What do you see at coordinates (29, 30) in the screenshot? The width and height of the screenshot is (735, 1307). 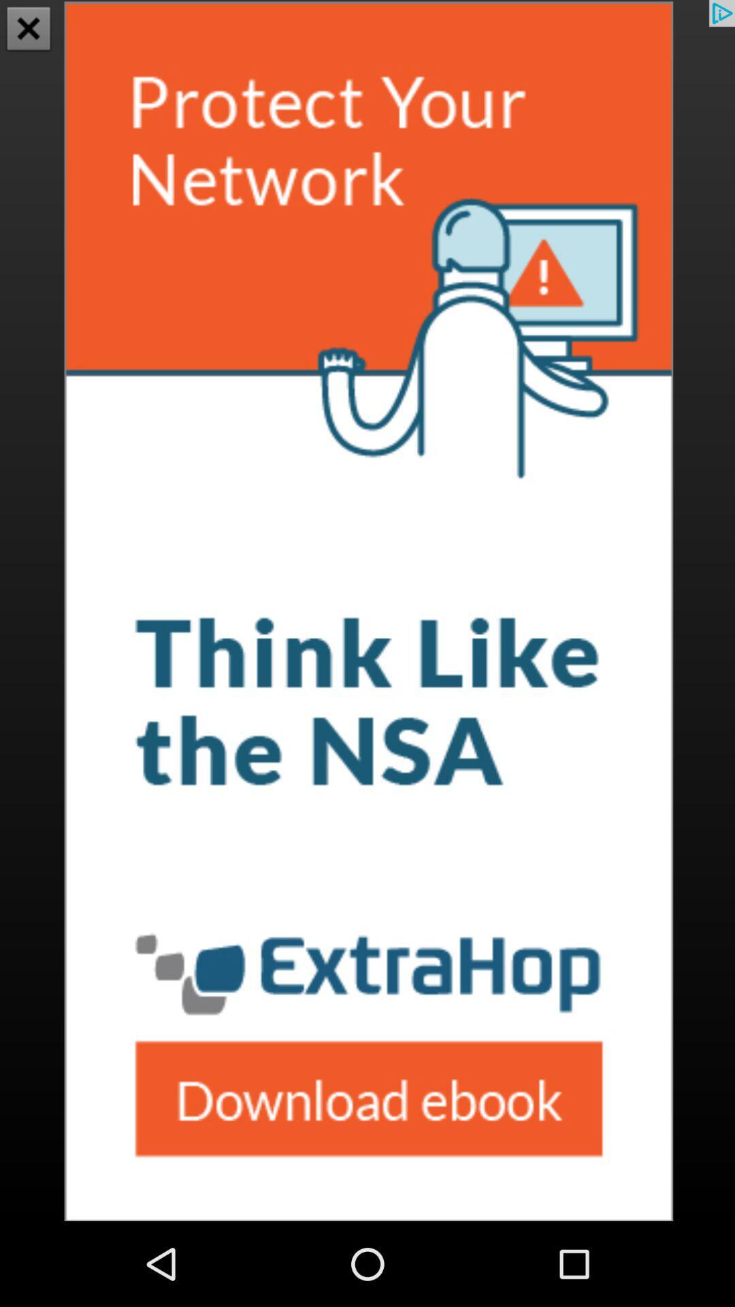 I see `the close icon` at bounding box center [29, 30].